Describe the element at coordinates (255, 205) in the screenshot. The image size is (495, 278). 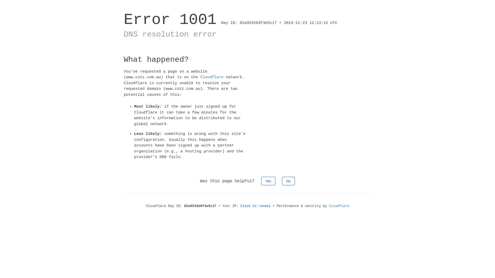
I see `'Click to reveal'` at that location.